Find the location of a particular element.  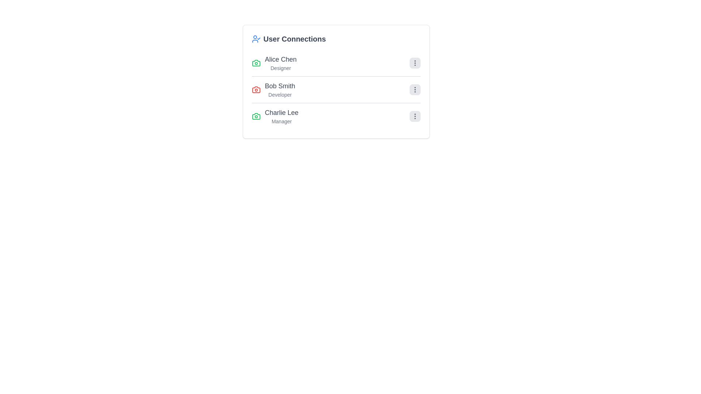

the Text block displaying the name and subtitle of the user, which is located in the second position of a vertical list, between 'Alice Chen, Designer' and 'Charlie Lee, Manager' is located at coordinates (280, 89).